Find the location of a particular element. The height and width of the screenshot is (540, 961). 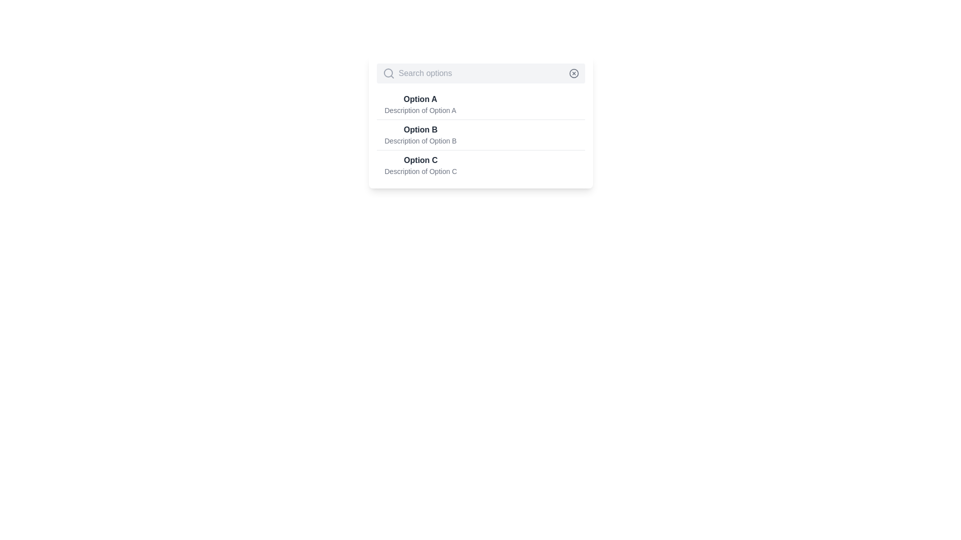

the search action icon located at the left side of the dropdown menu, adjacent to the 'Search options' input field is located at coordinates (388, 72).